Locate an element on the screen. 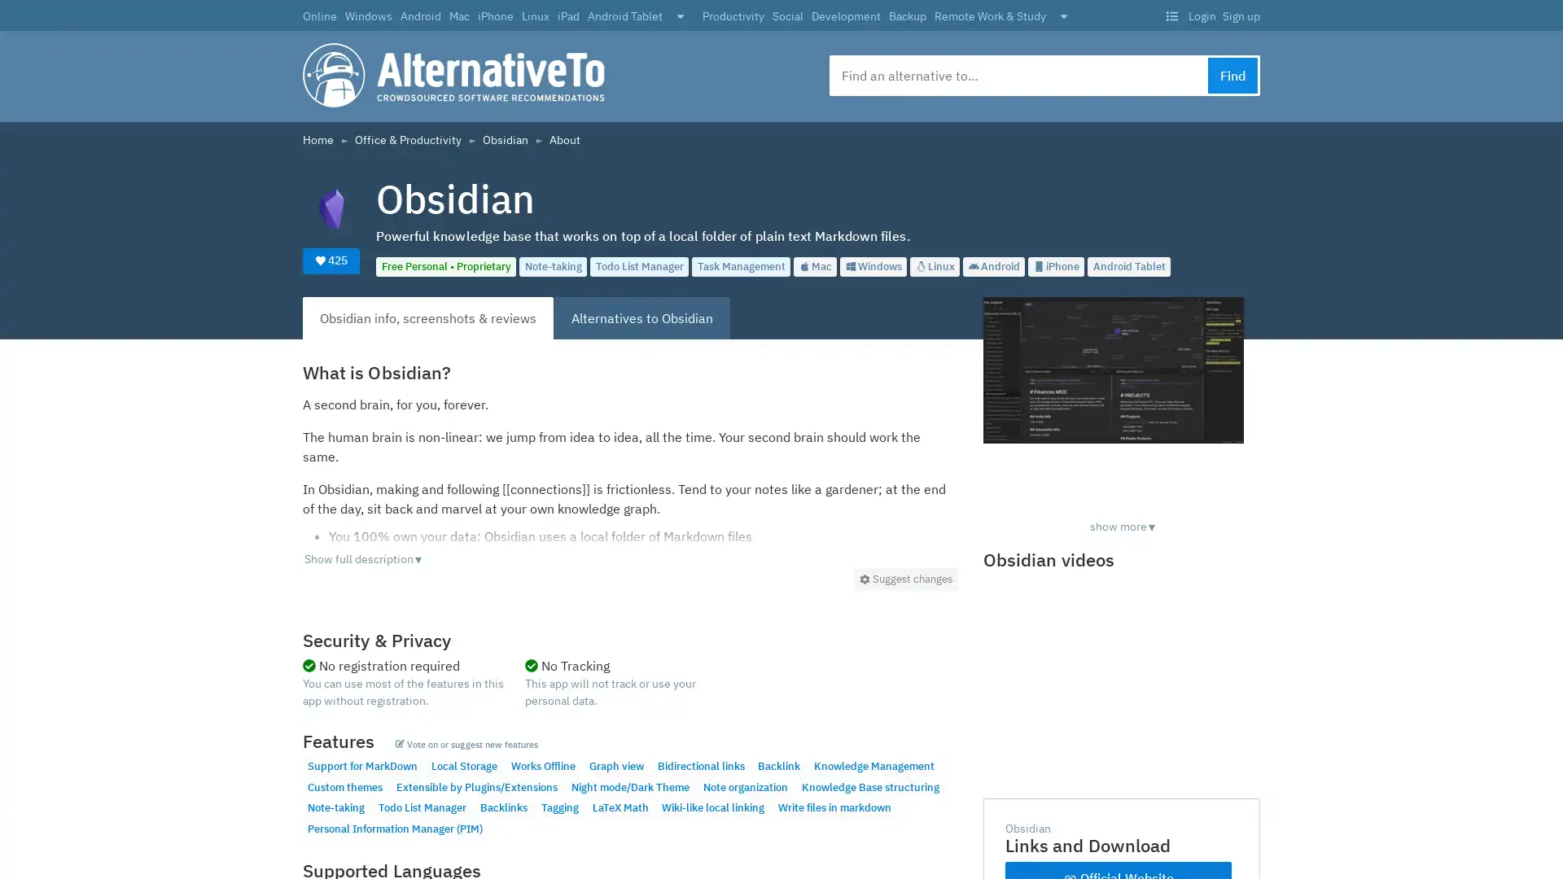 This screenshot has width=1563, height=879. Show Custom Lists is located at coordinates (1171, 16).